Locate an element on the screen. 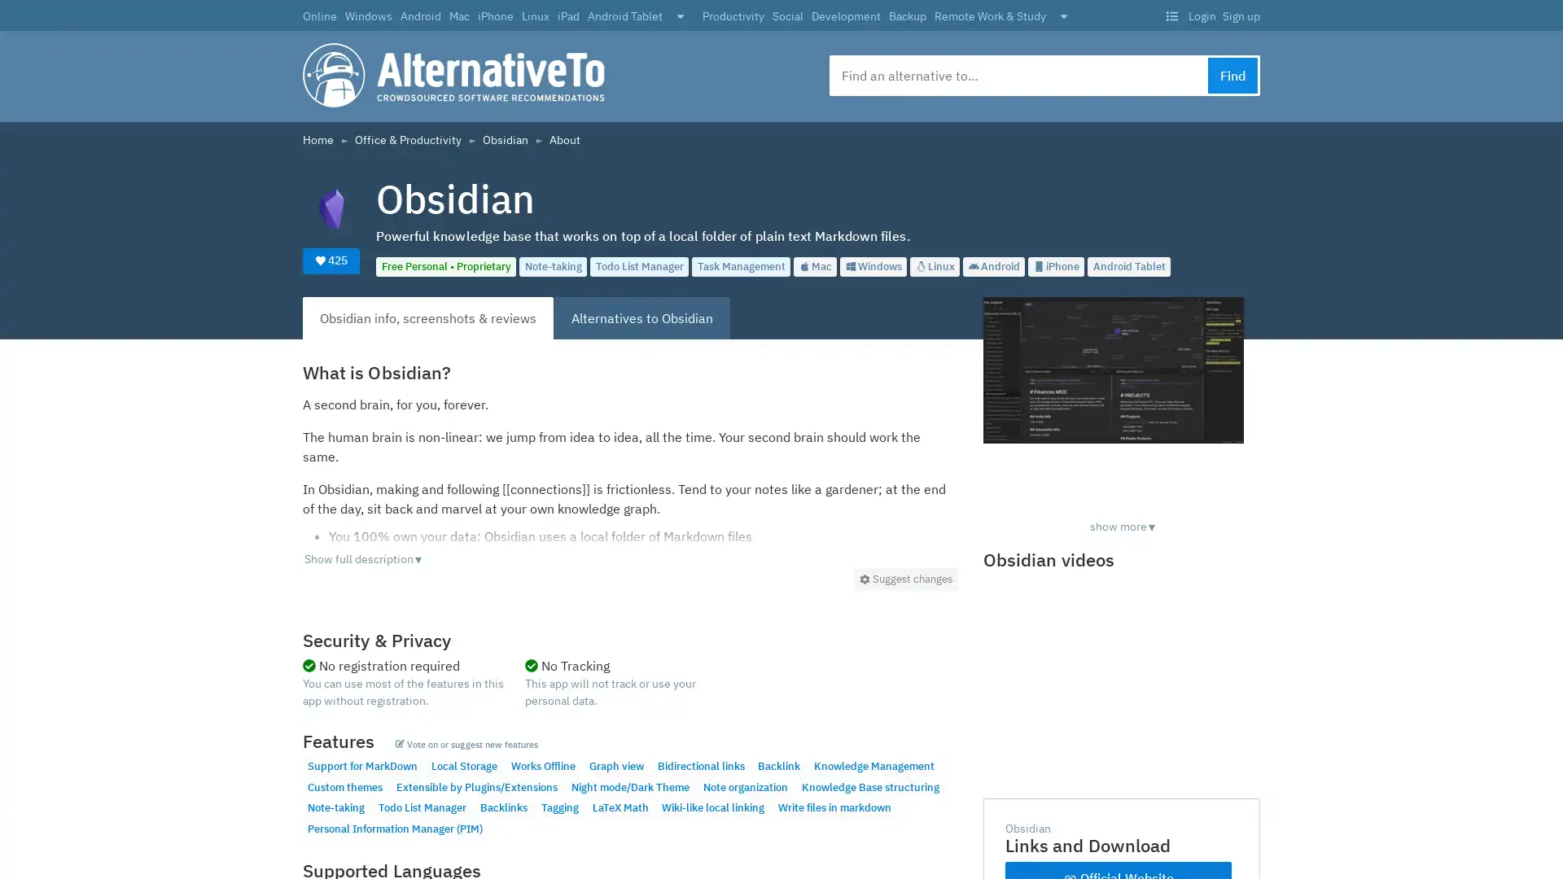 This screenshot has width=1563, height=879. Show Custom Lists is located at coordinates (1171, 16).